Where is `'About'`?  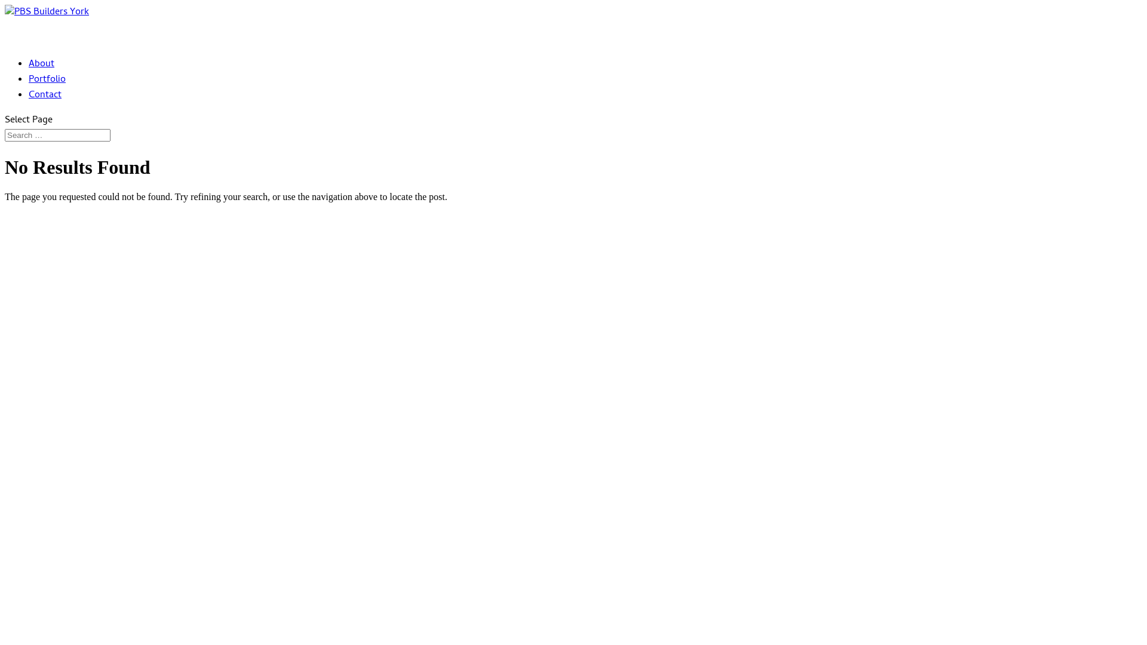 'About' is located at coordinates (29, 78).